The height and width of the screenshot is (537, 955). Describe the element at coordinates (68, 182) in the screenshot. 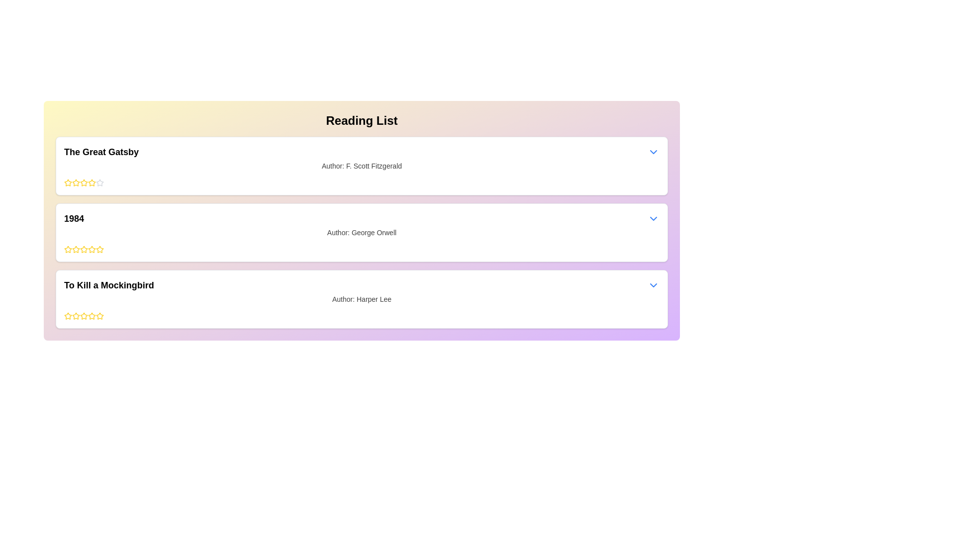

I see `the first star-shaped icon with a yellow border in the rating section of 'The Great Gatsby'` at that location.